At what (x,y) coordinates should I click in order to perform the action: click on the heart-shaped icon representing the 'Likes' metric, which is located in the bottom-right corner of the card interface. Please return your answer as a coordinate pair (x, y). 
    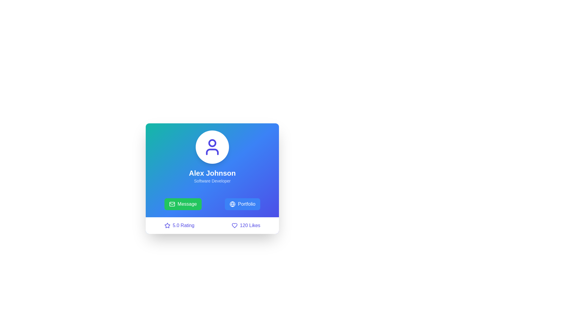
    Looking at the image, I should click on (234, 226).